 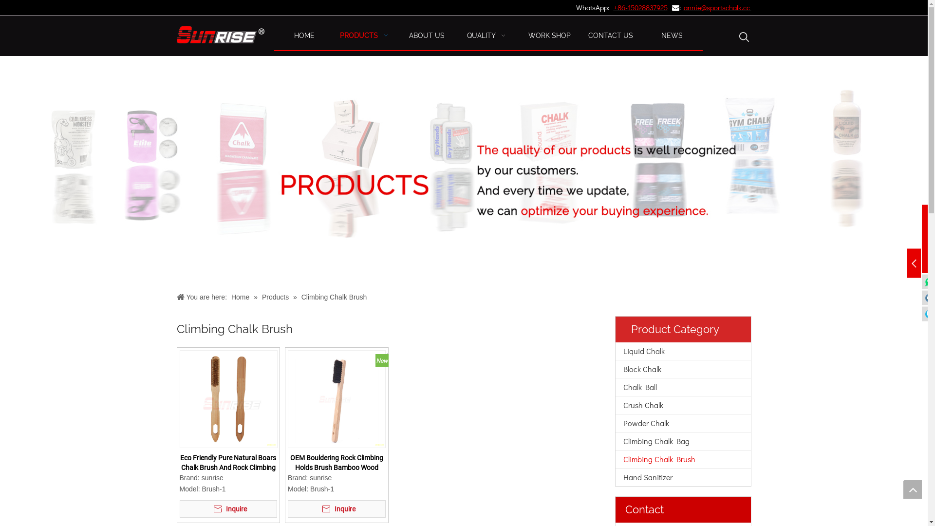 What do you see at coordinates (682, 369) in the screenshot?
I see `'Block Chalk'` at bounding box center [682, 369].